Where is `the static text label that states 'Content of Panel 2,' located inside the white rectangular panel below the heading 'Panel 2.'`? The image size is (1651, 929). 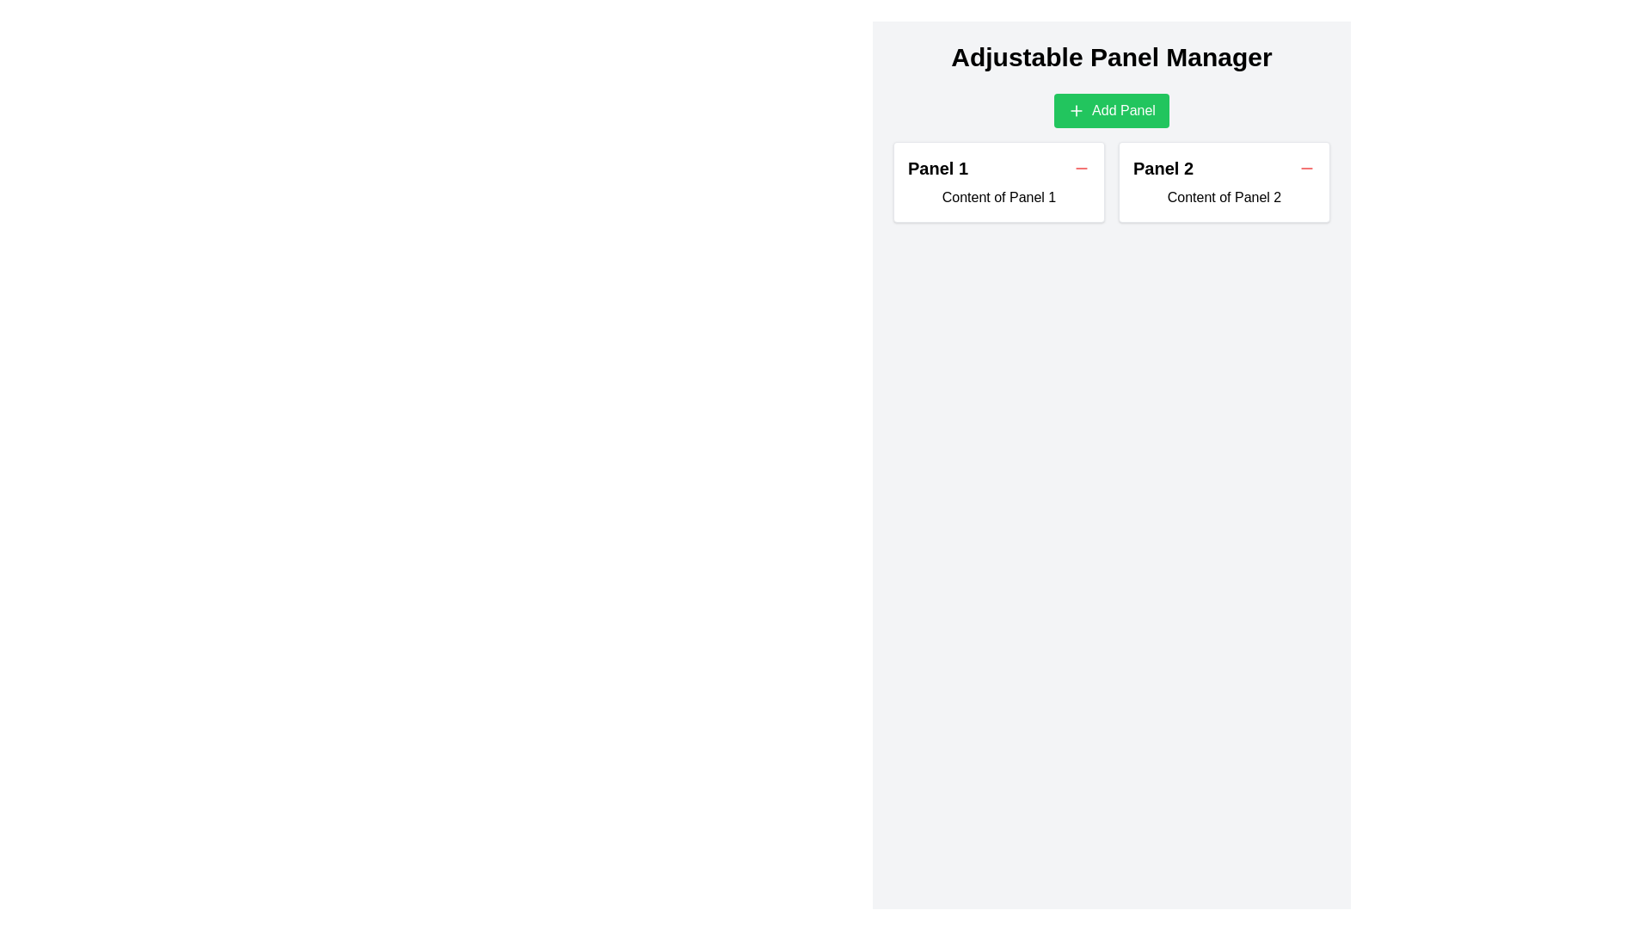
the static text label that states 'Content of Panel 2,' located inside the white rectangular panel below the heading 'Panel 2.' is located at coordinates (1224, 197).